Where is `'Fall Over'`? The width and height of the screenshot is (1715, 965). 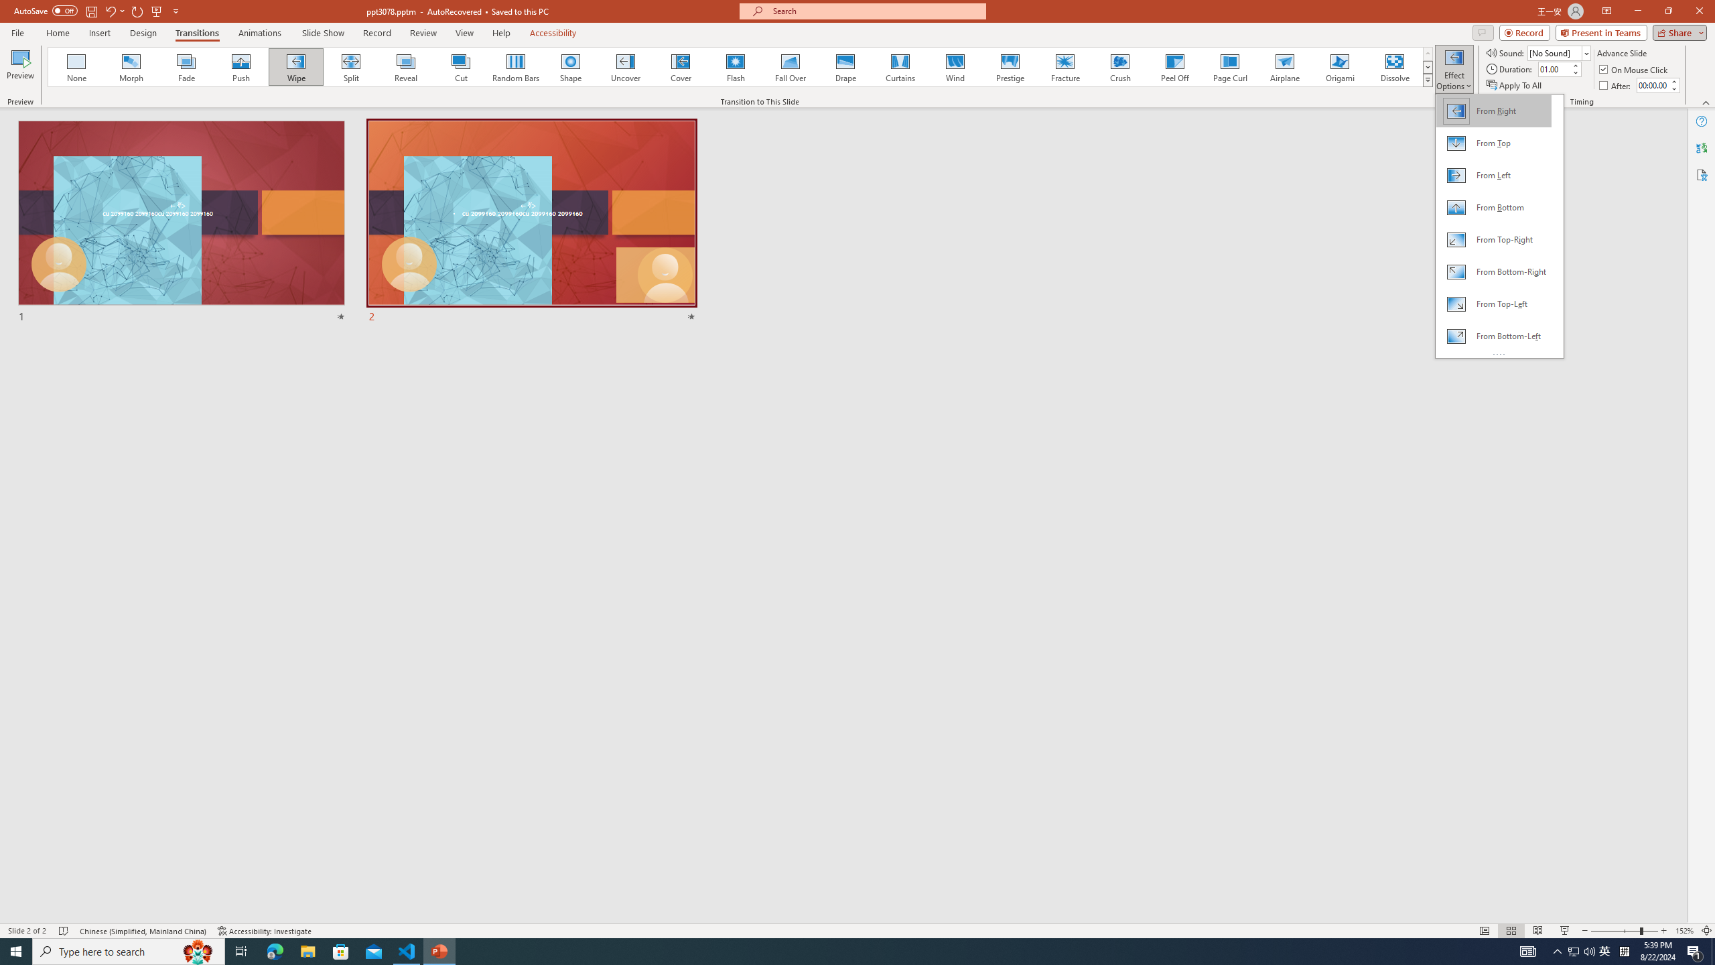 'Fall Over' is located at coordinates (790, 66).